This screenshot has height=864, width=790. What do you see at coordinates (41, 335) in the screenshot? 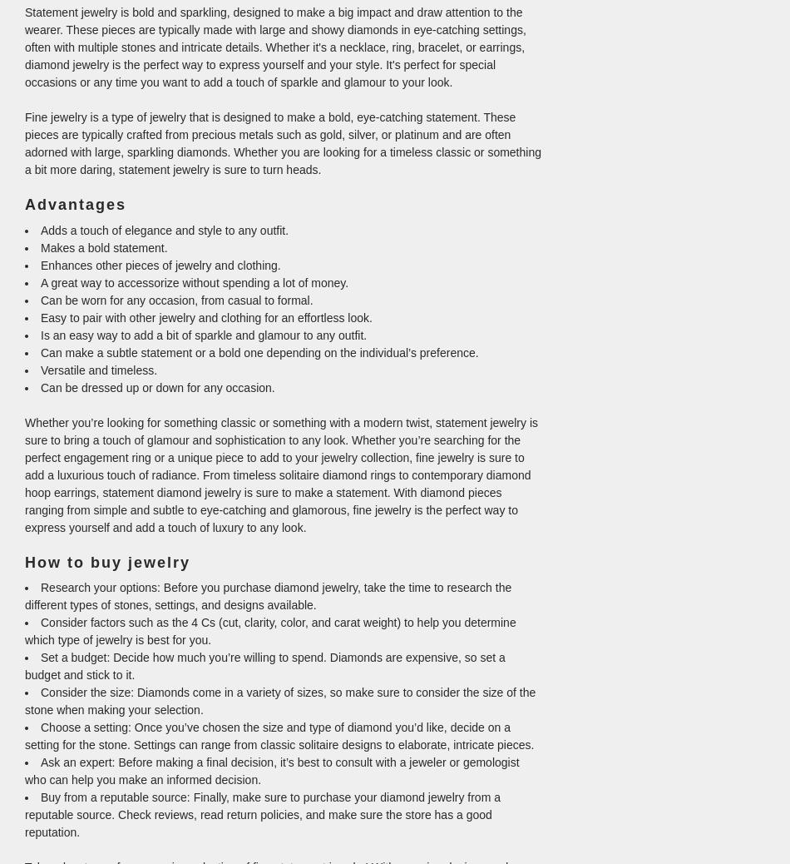
I see `'Is an easy way to add a bit of sparkle and glamour to any outfit.'` at bounding box center [41, 335].